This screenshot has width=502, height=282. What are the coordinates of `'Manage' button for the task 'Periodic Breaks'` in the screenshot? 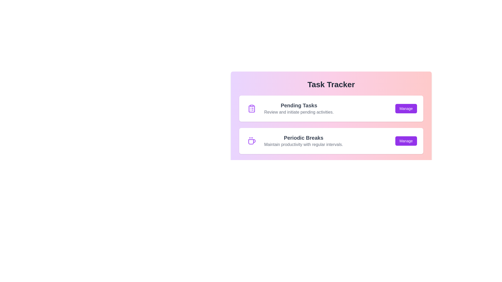 It's located at (406, 141).